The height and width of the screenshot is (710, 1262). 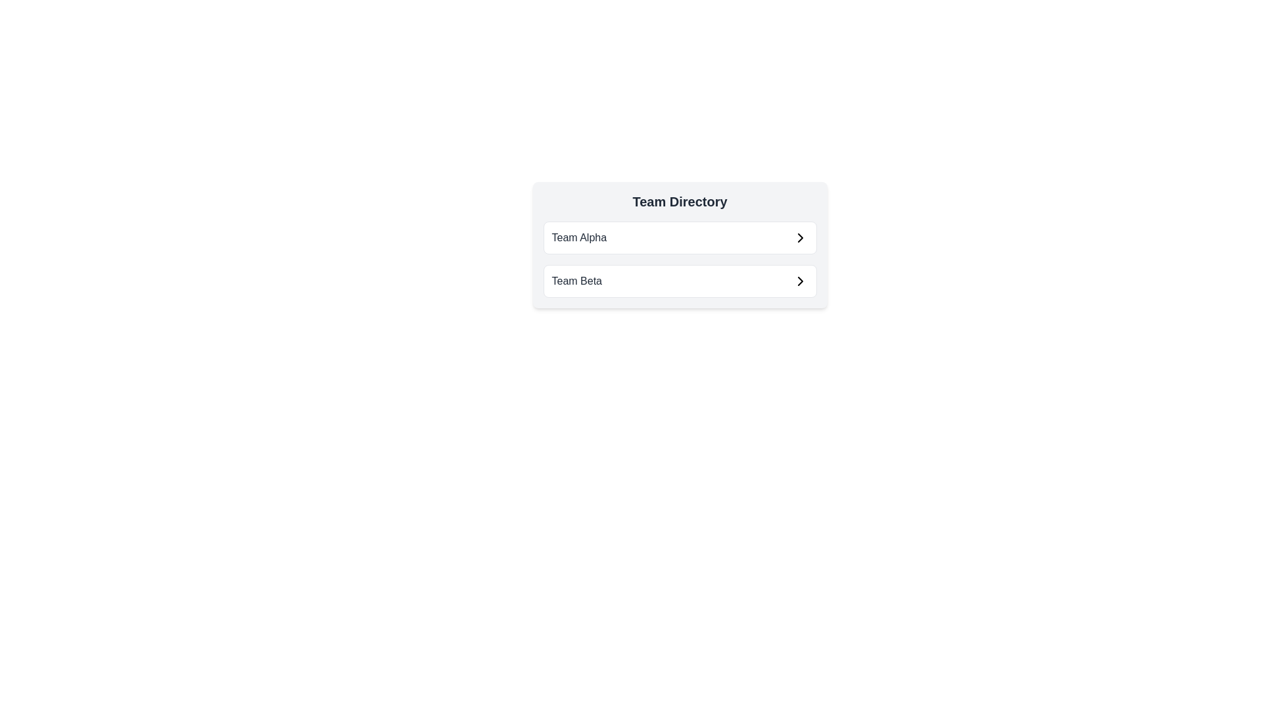 What do you see at coordinates (680, 281) in the screenshot?
I see `the second list item labeled 'Team Beta'` at bounding box center [680, 281].